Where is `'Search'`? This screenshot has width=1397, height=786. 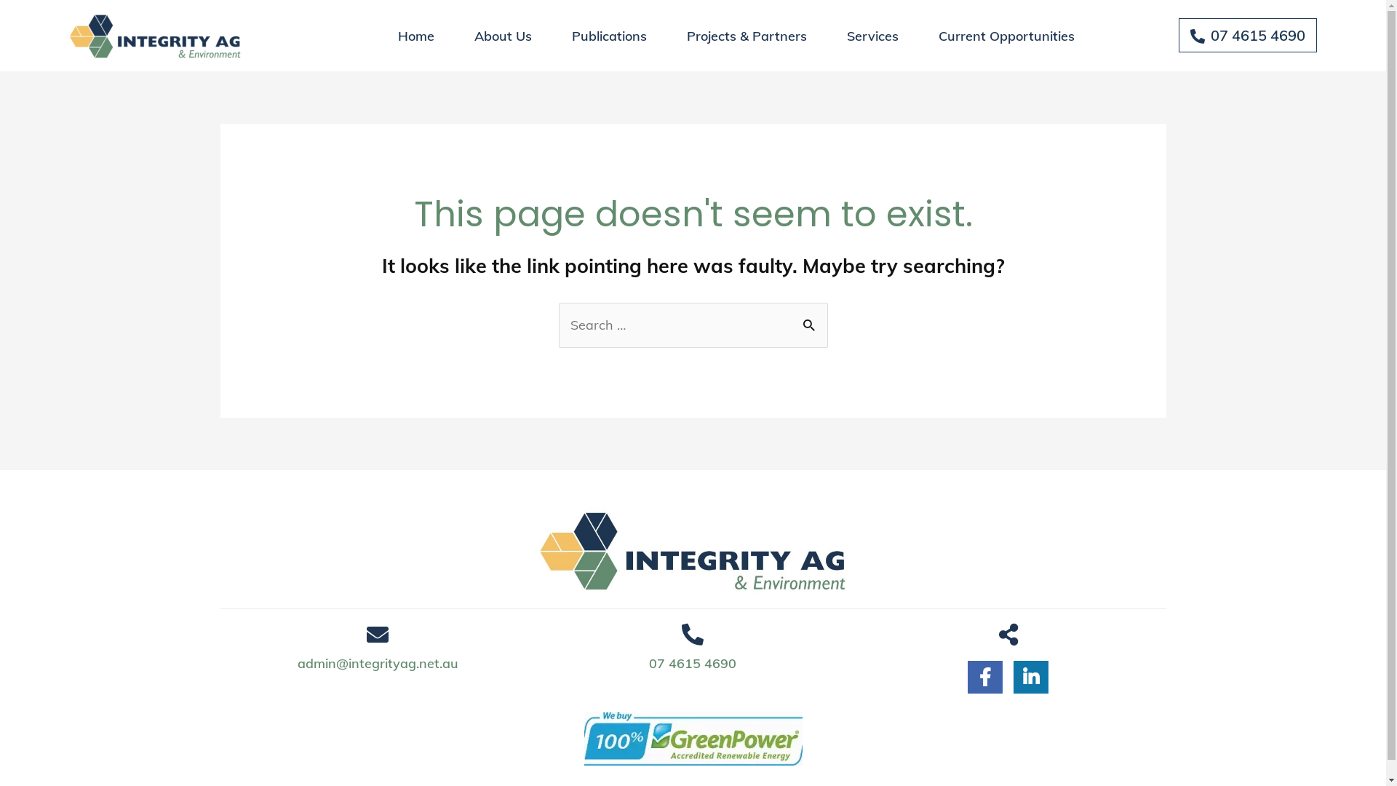 'Search' is located at coordinates (810, 323).